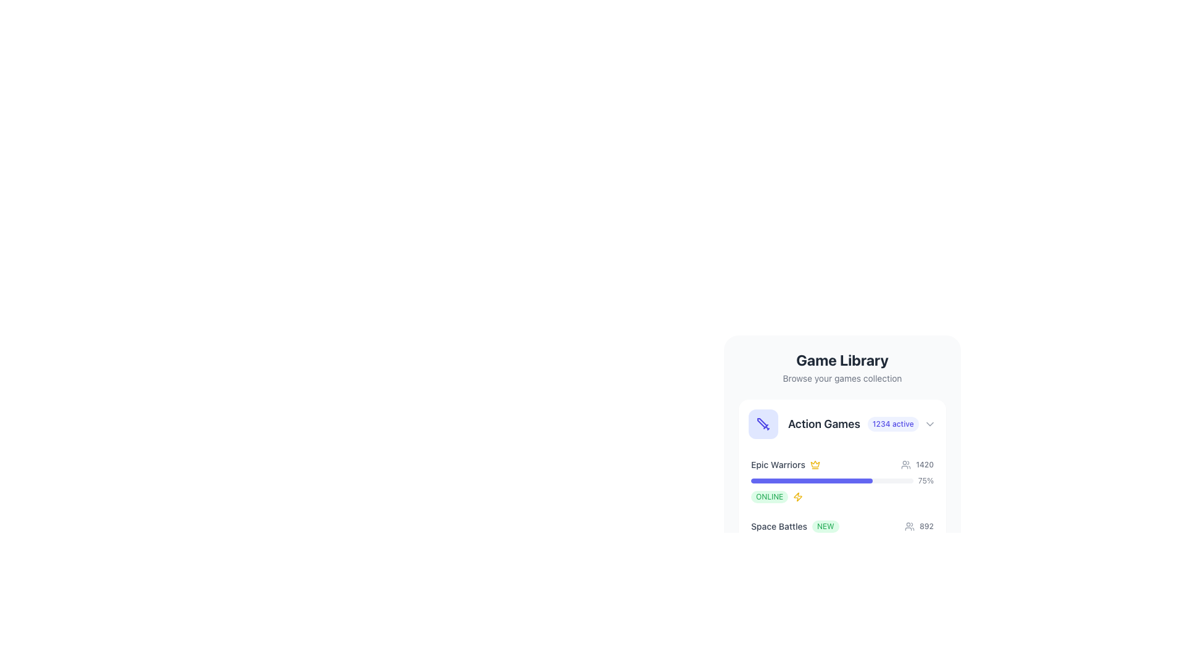 The height and width of the screenshot is (666, 1185). Describe the element at coordinates (824, 423) in the screenshot. I see `the text label reading 'Action Games', which is styled with a medium-large bold dark gray font and positioned in the top section of the 'Game Library' interface, to the right of an icon and to the left of a badge reading '1234 active'` at that location.